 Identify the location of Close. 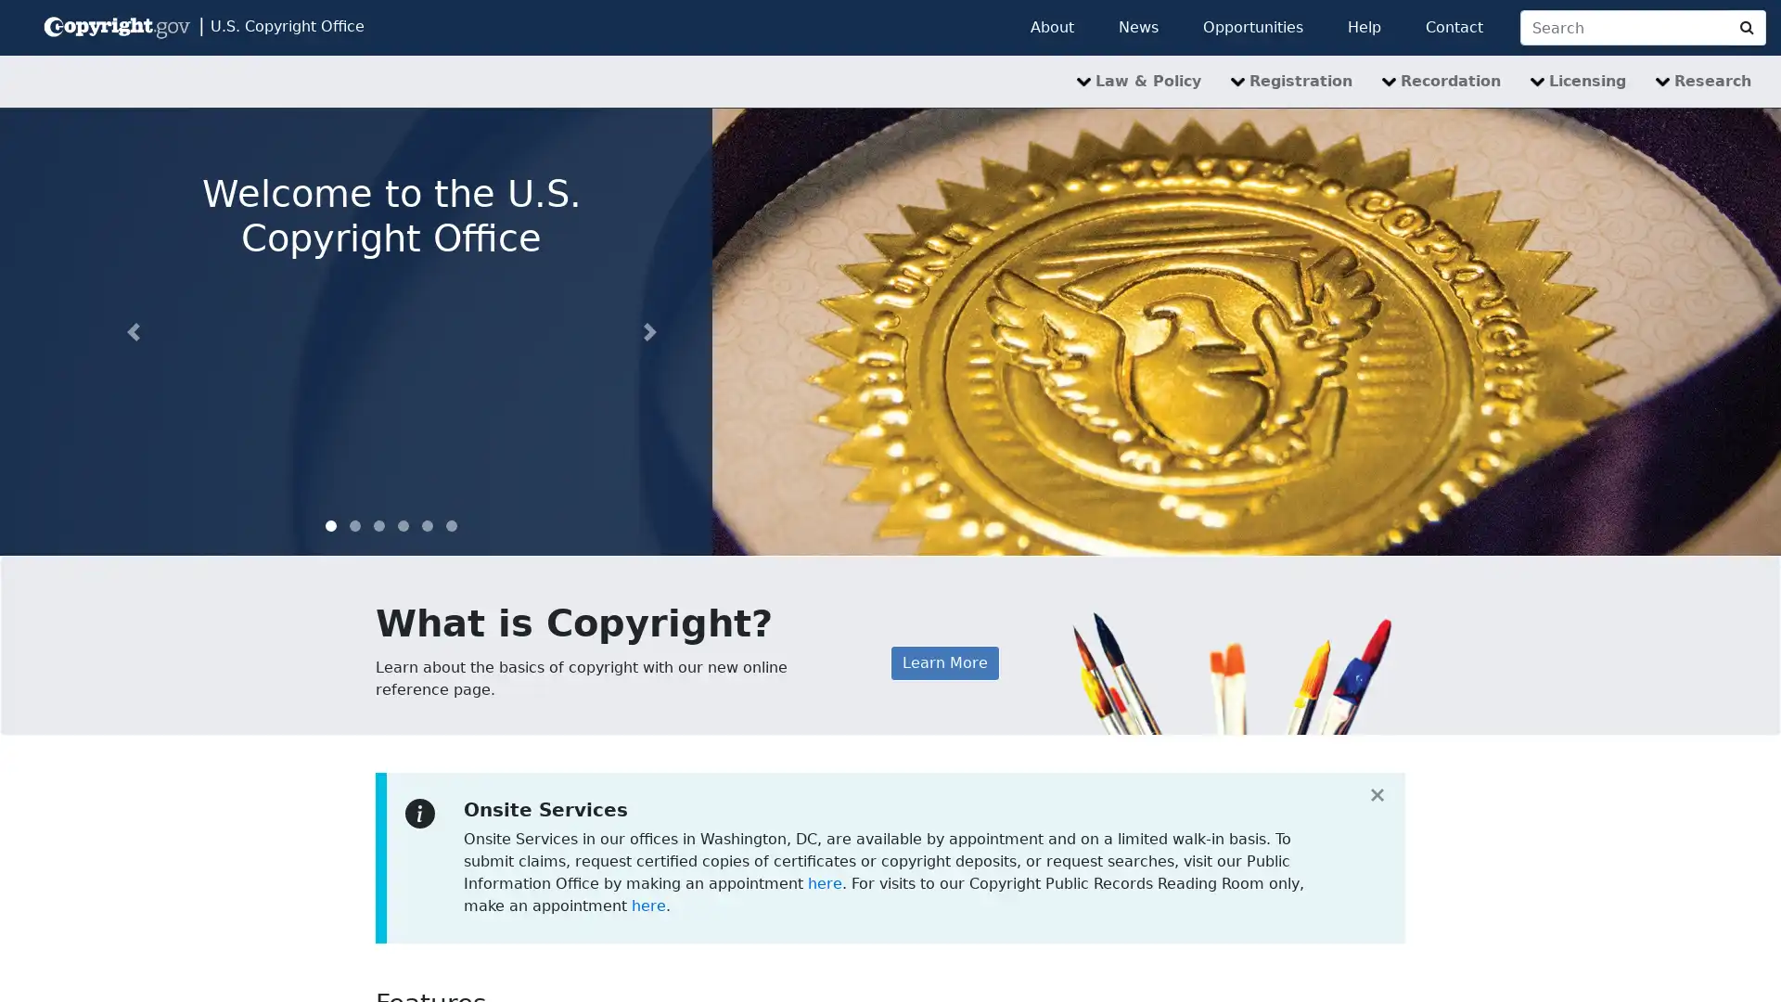
(1377, 793).